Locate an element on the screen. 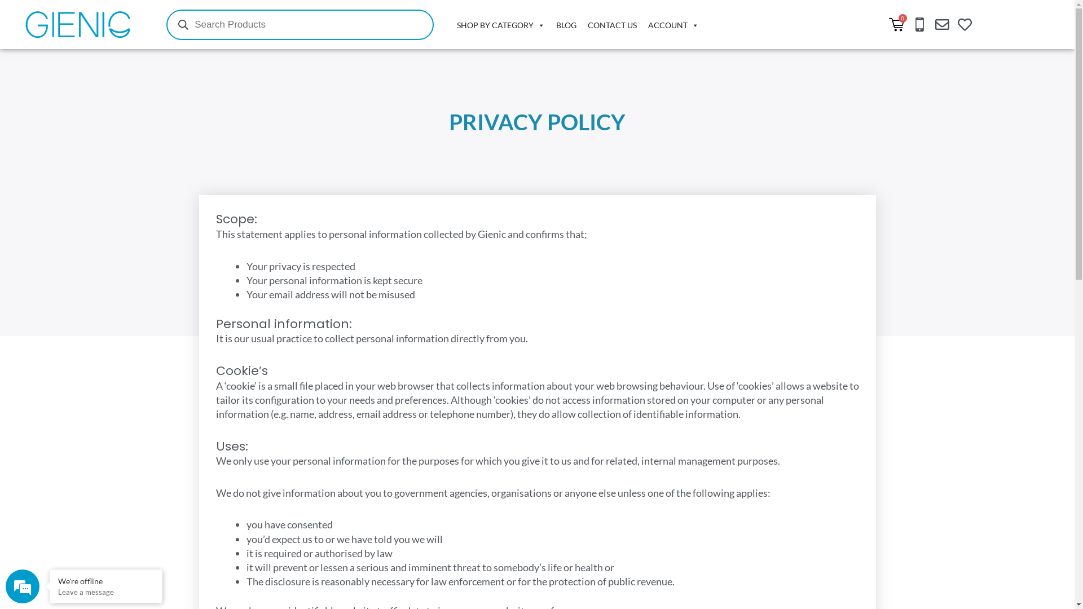 This screenshot has height=609, width=1083. 'SHOP BY CATEGORY' is located at coordinates (500, 25).